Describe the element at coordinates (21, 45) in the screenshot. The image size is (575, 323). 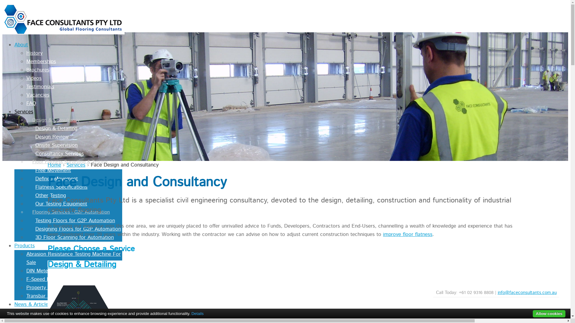
I see `'About'` at that location.